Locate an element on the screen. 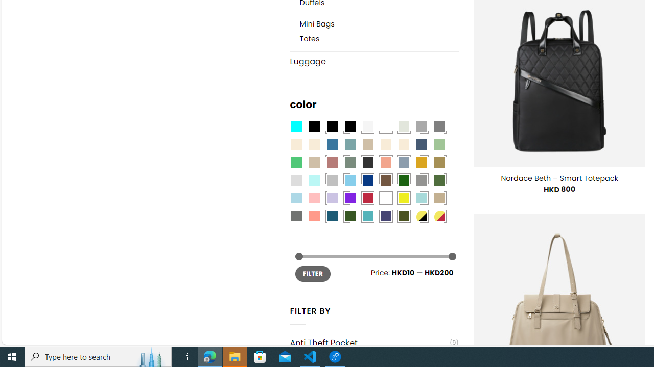 The width and height of the screenshot is (654, 367). 'Caramel' is located at coordinates (385, 144).